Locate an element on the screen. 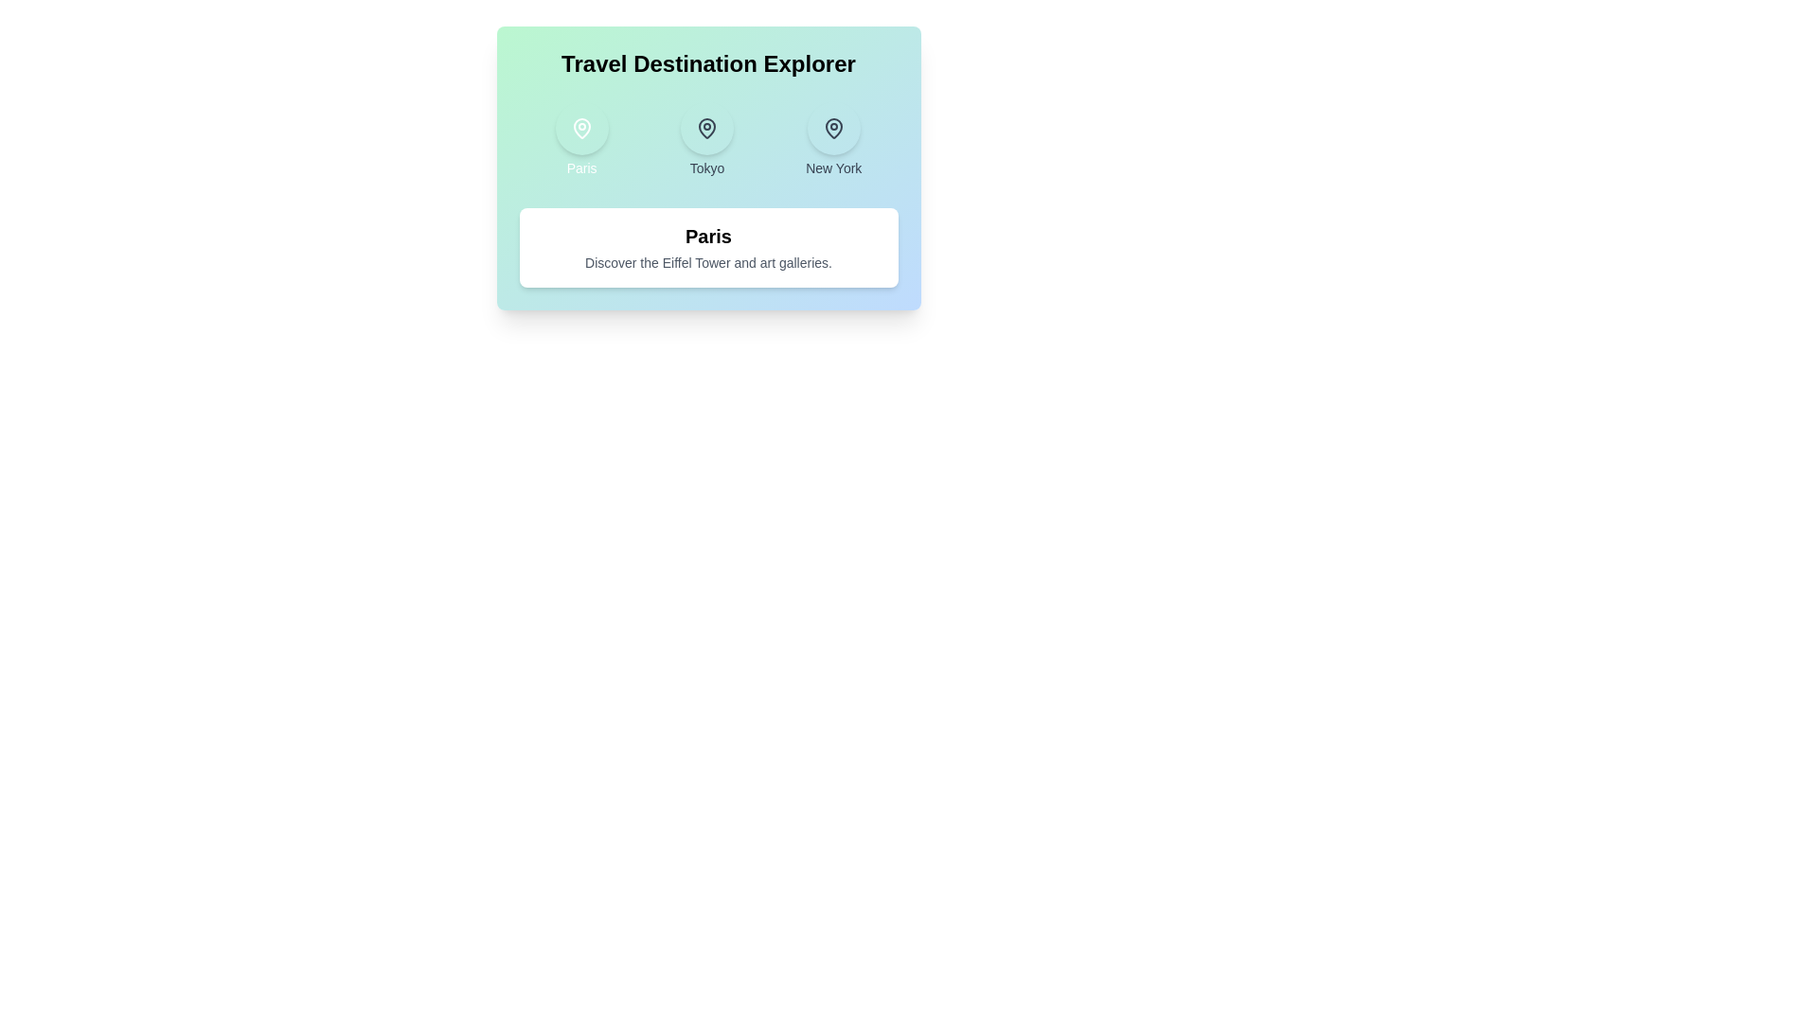 Image resolution: width=1818 pixels, height=1022 pixels. the destination selection button for 'Paris' is located at coordinates (580, 138).